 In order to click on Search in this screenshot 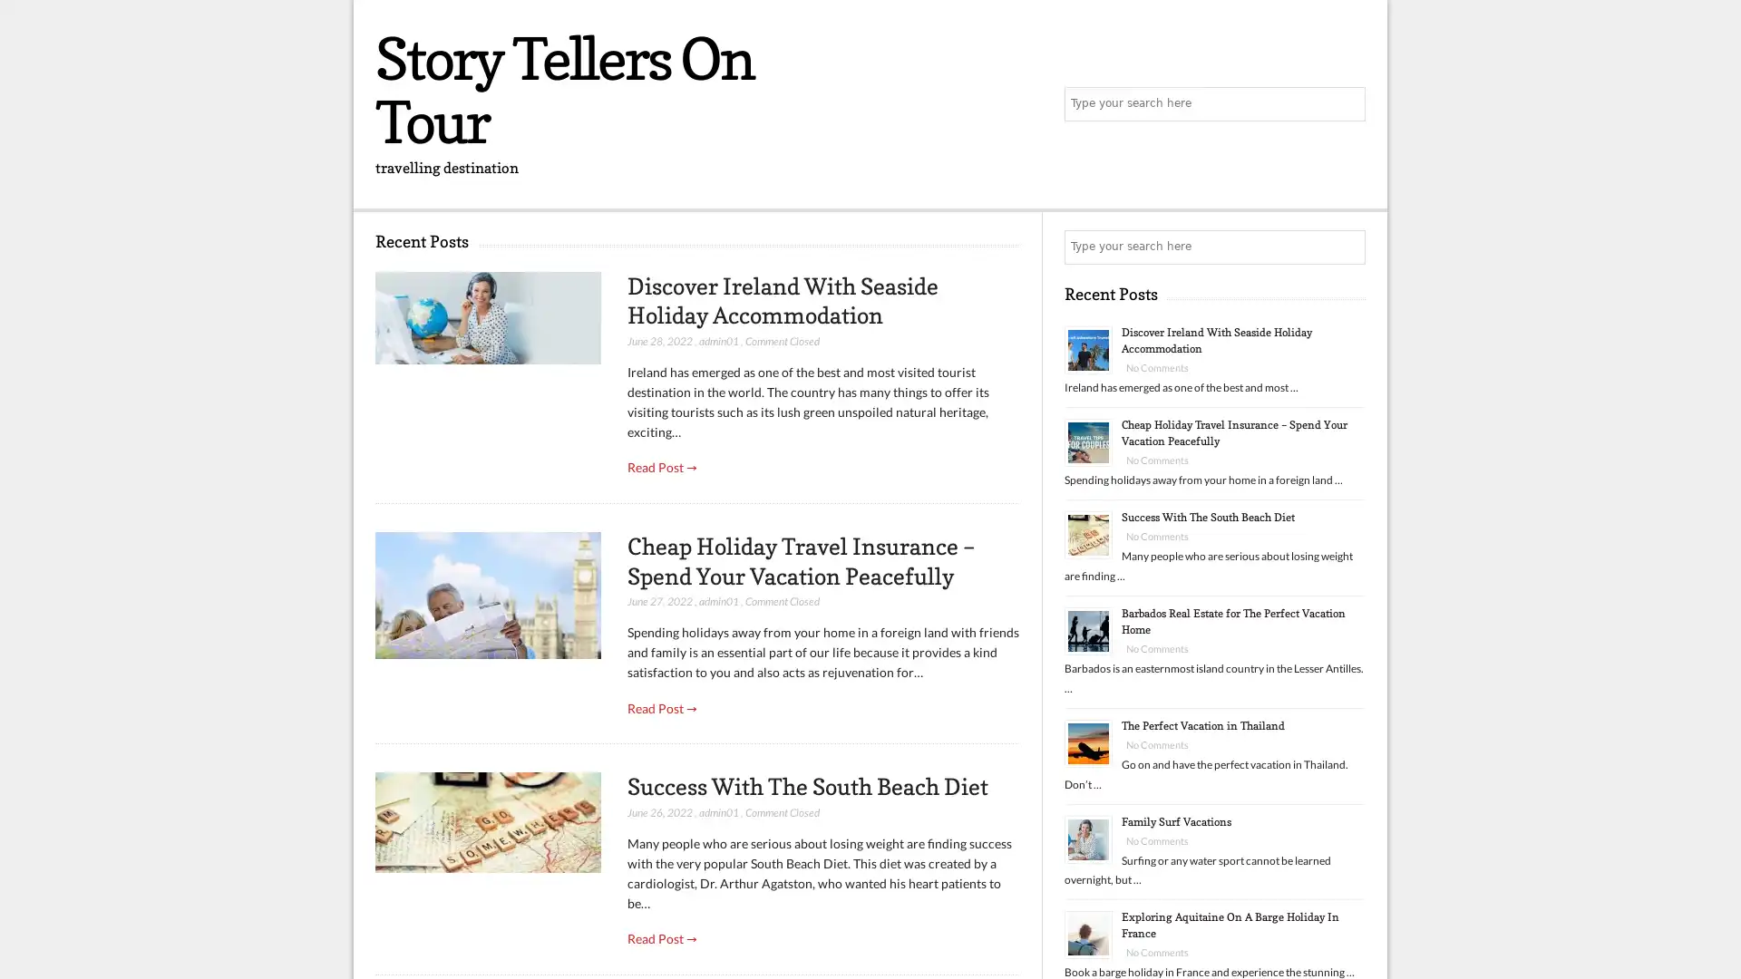, I will do `click(1347, 104)`.